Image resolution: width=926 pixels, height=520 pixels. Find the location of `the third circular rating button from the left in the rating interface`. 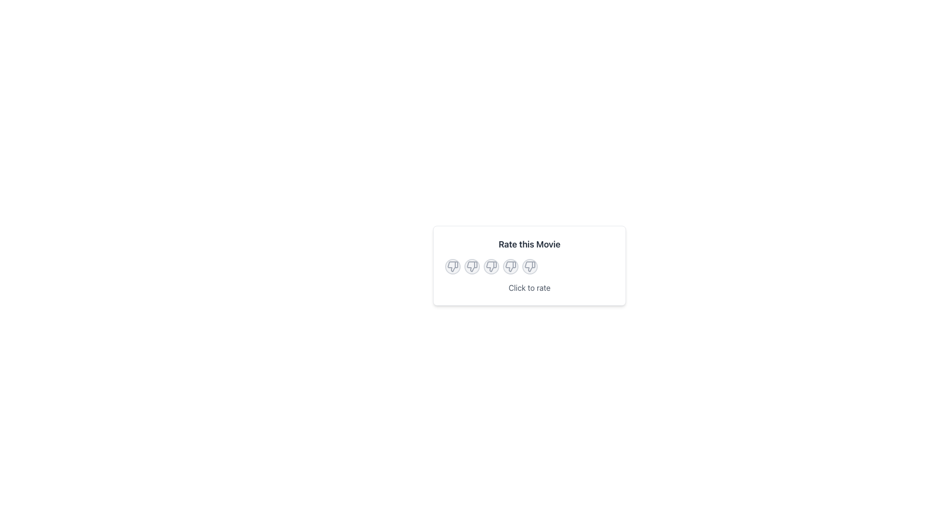

the third circular rating button from the left in the rating interface is located at coordinates (491, 267).